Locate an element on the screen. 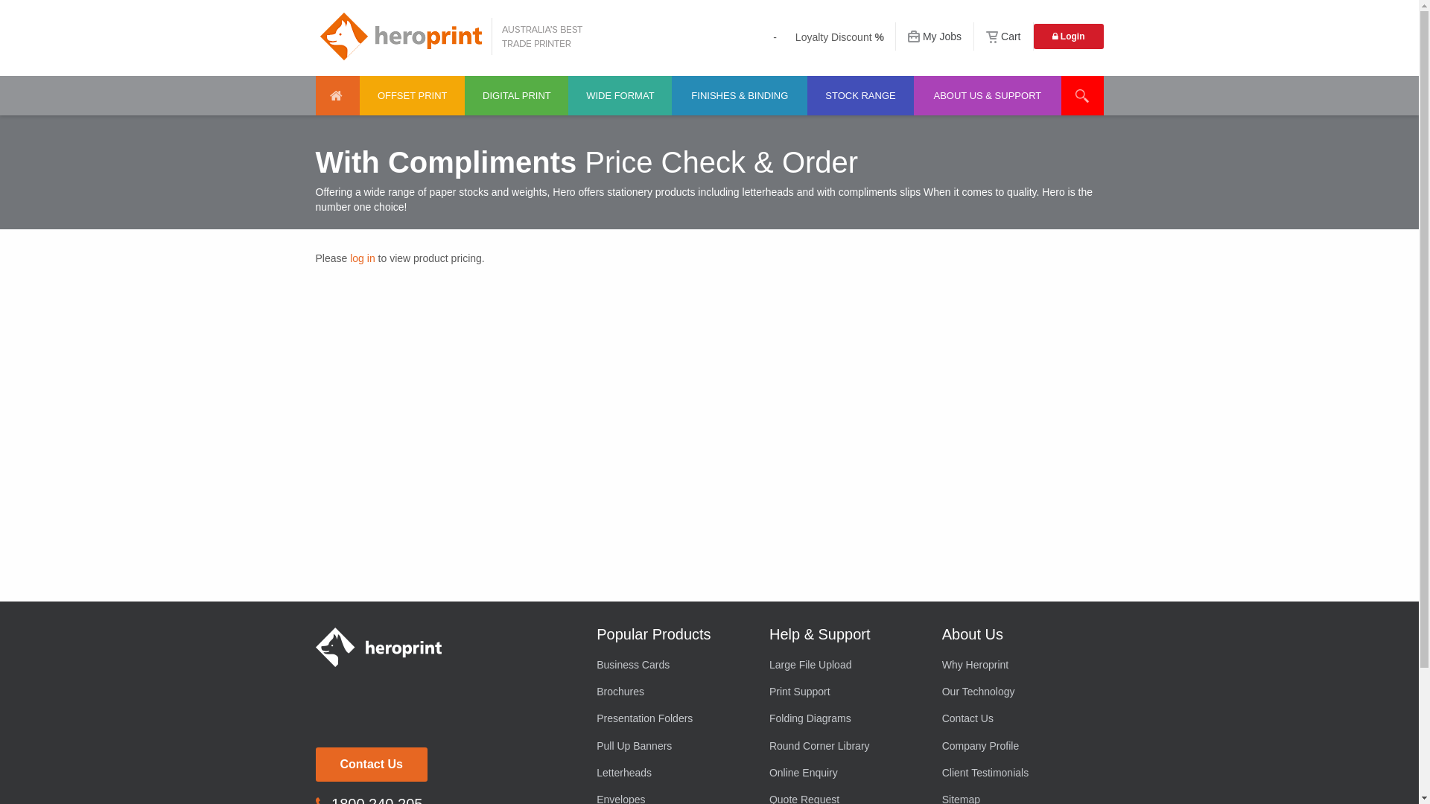  'Contact Us' is located at coordinates (372, 764).